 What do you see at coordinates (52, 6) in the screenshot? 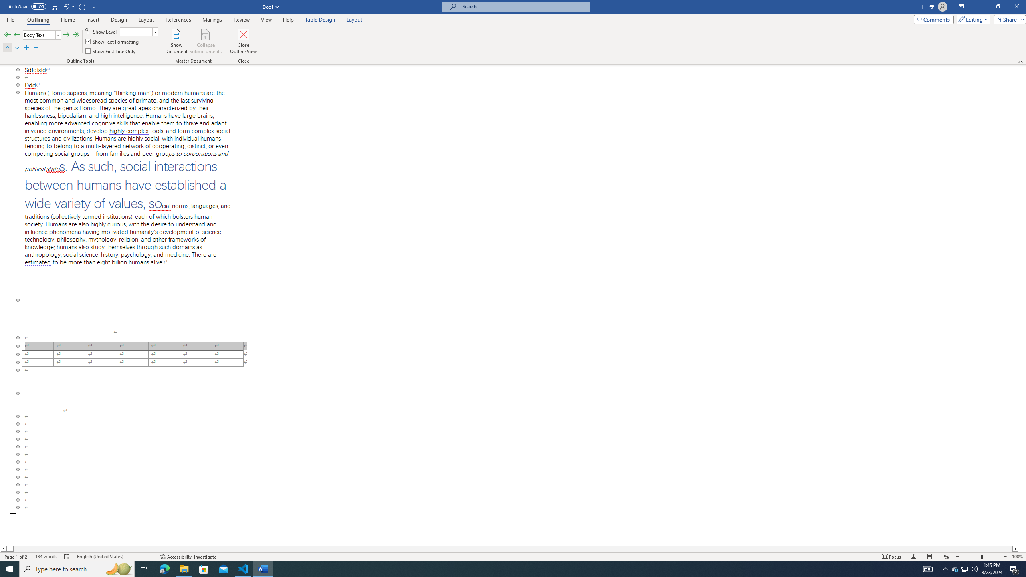
I see `'Quick Access Toolbar'` at bounding box center [52, 6].